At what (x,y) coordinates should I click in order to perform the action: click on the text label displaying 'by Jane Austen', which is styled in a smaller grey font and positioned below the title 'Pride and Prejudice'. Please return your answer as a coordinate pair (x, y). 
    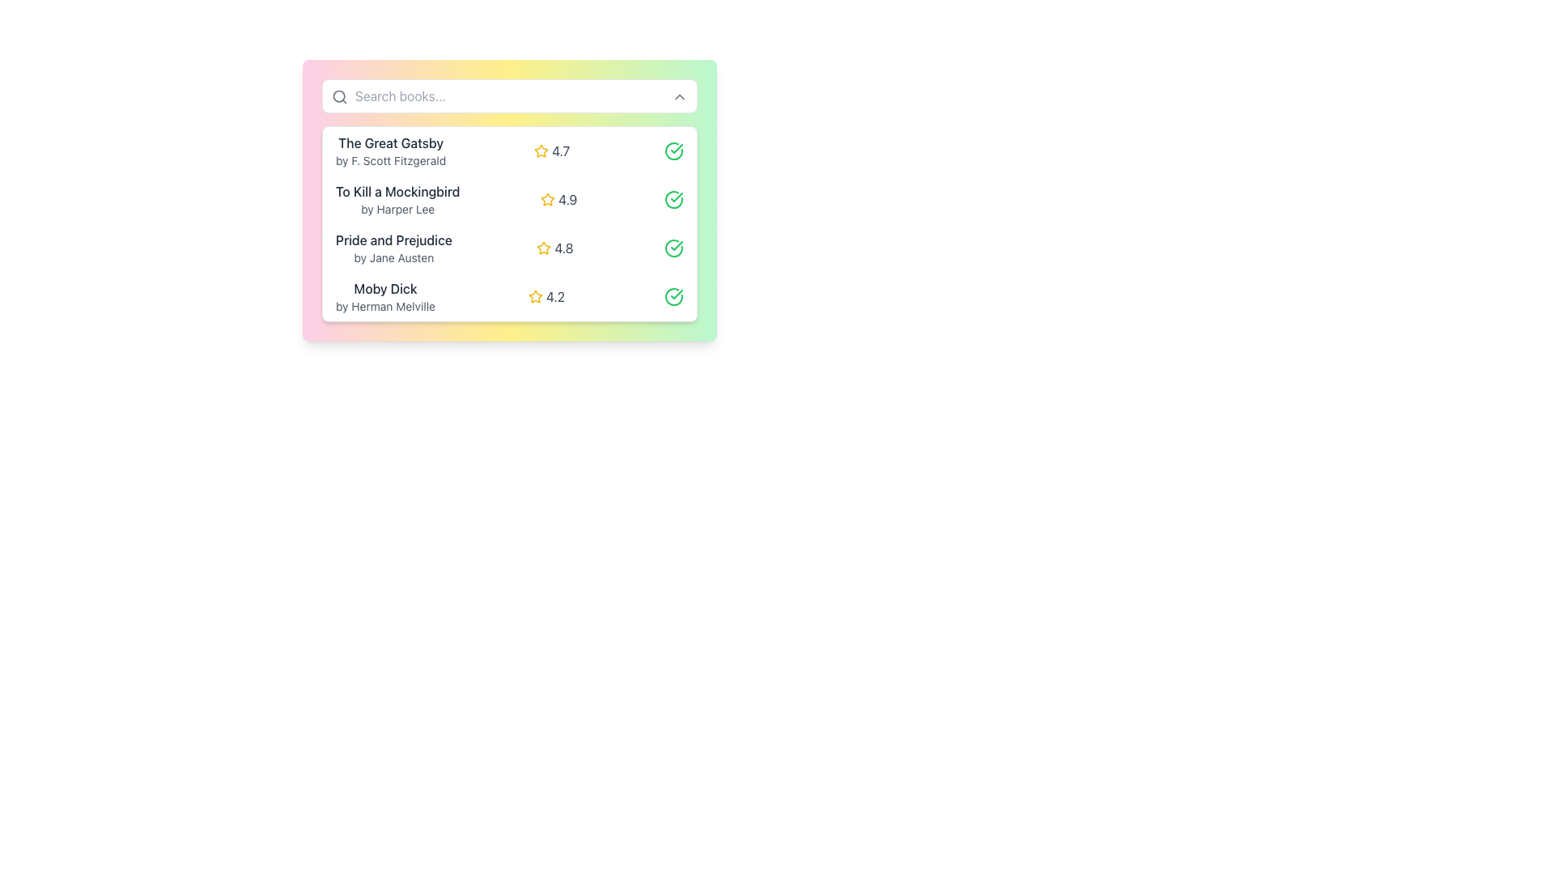
    Looking at the image, I should click on (393, 257).